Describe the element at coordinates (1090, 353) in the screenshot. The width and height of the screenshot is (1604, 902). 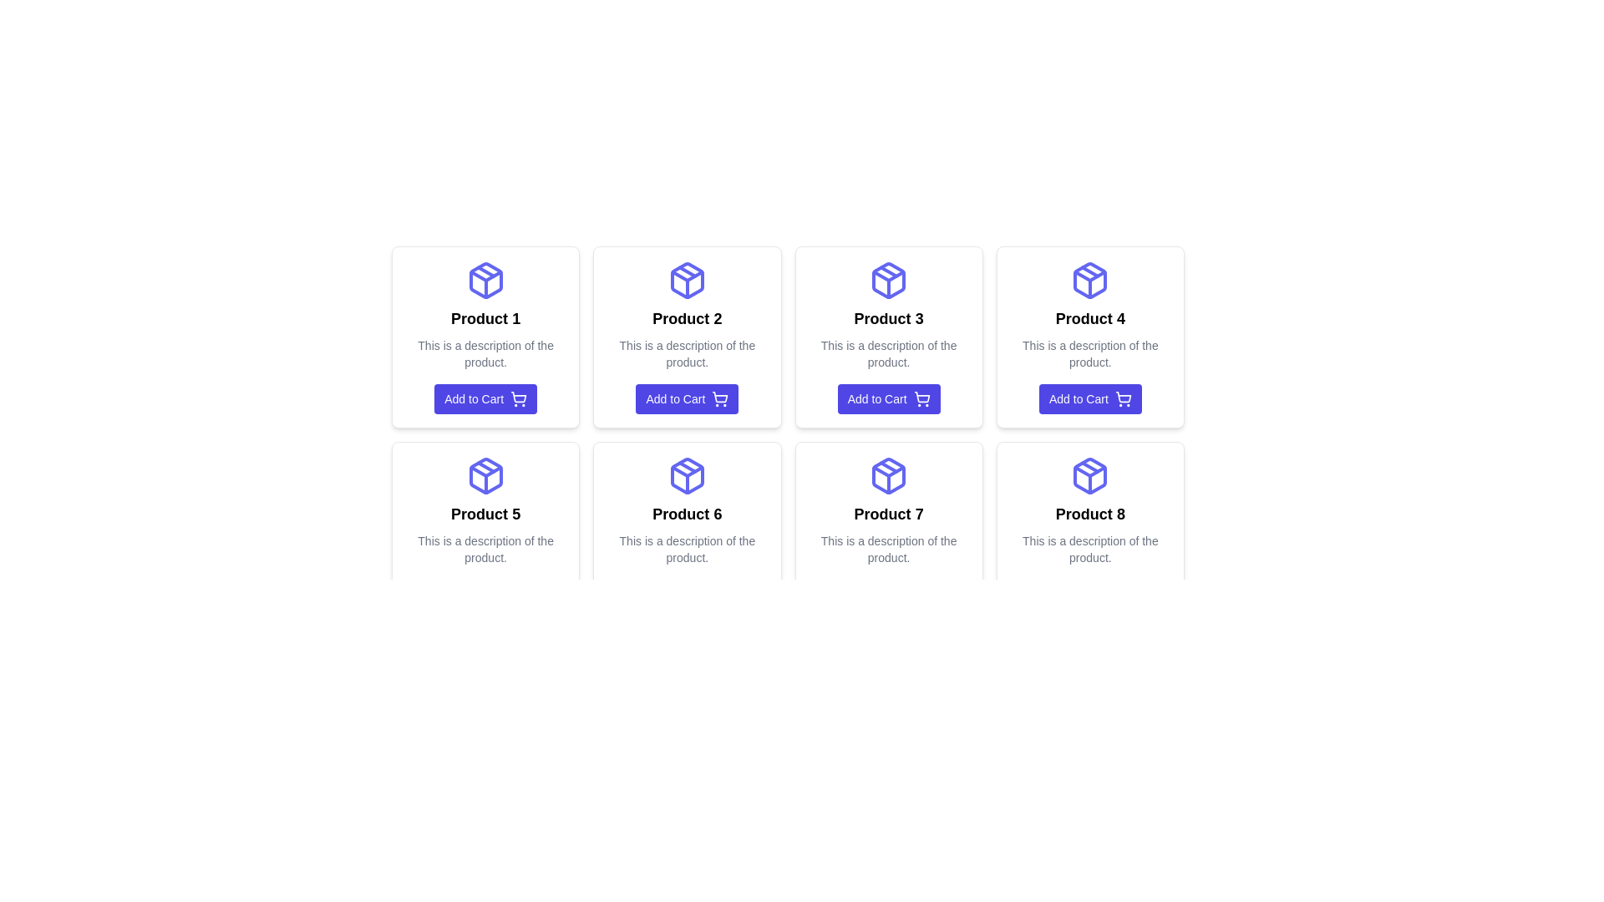
I see `the Text Label element that reads 'This is a description of the product.' located in the product card for 'Product 4', which is positioned below the title and above the 'Add to Cart' button` at that location.